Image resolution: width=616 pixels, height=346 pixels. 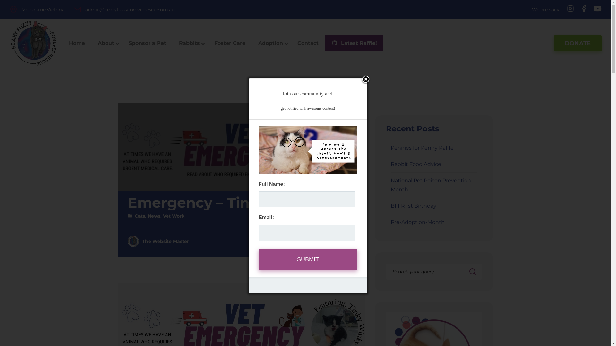 I want to click on 'Home', so click(x=77, y=43).